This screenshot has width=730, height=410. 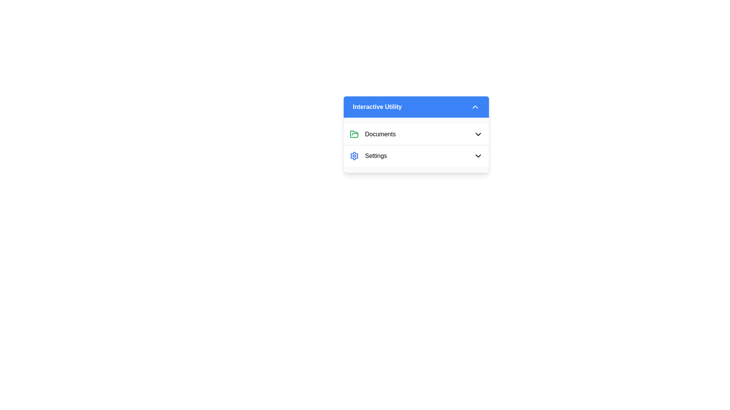 What do you see at coordinates (354, 156) in the screenshot?
I see `the gear-like icon with a blue outline located above the 'Settings' text in the dropdown section beneath the 'Interactive Utility' header` at bounding box center [354, 156].